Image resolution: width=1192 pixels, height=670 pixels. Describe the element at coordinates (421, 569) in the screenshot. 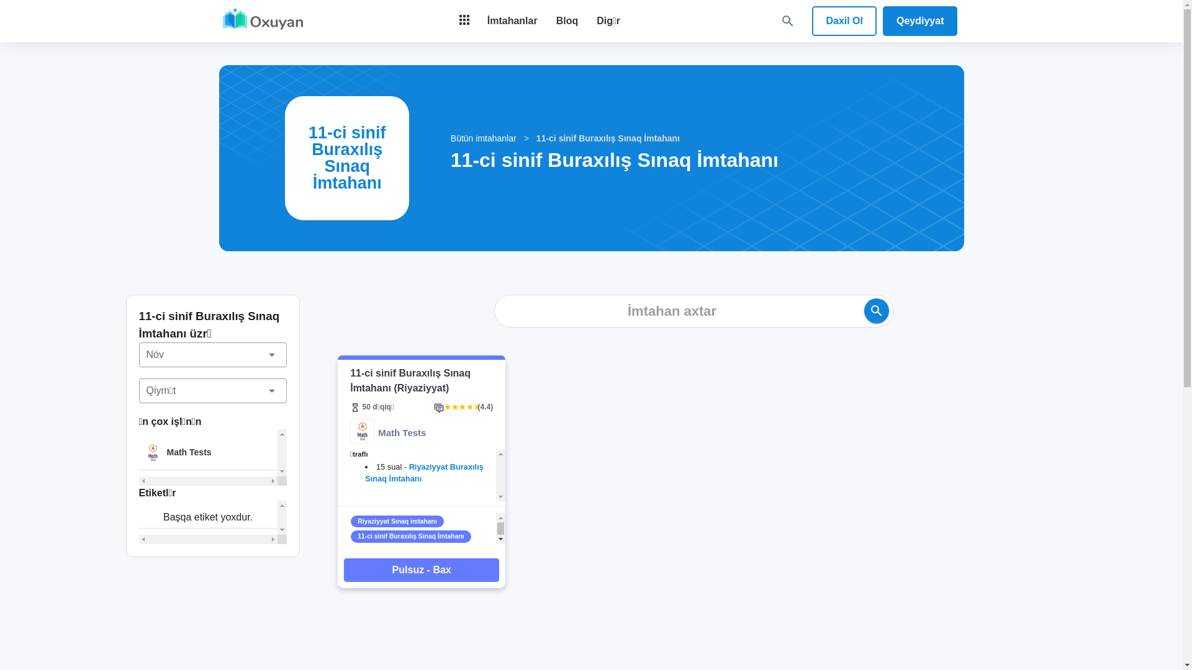

I see `'Pulsuz - Bax'` at that location.